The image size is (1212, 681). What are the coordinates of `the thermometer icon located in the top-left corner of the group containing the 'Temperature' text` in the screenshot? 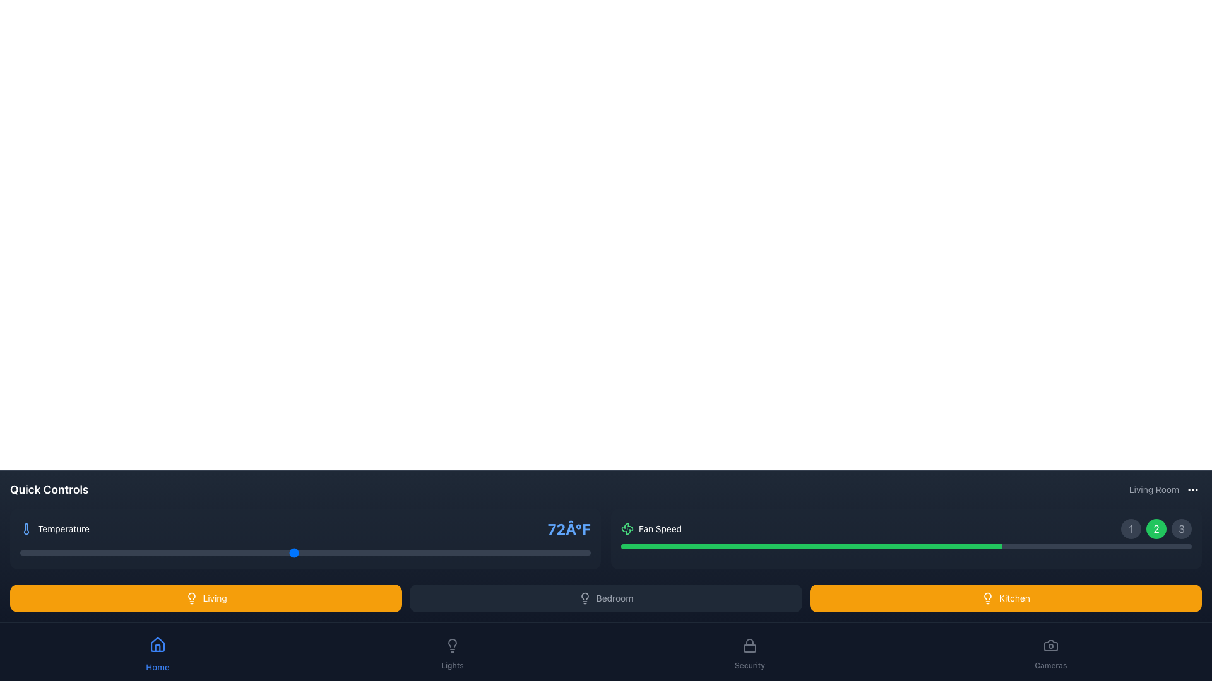 It's located at (27, 529).